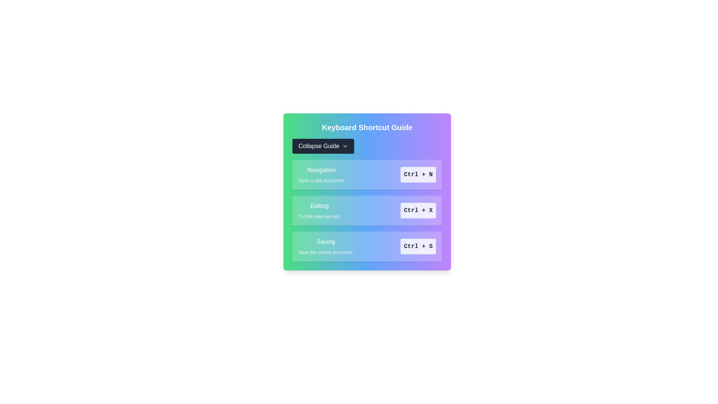  I want to click on the rightmost chevron icon inside the 'Collapse Guide' button, so click(345, 146).